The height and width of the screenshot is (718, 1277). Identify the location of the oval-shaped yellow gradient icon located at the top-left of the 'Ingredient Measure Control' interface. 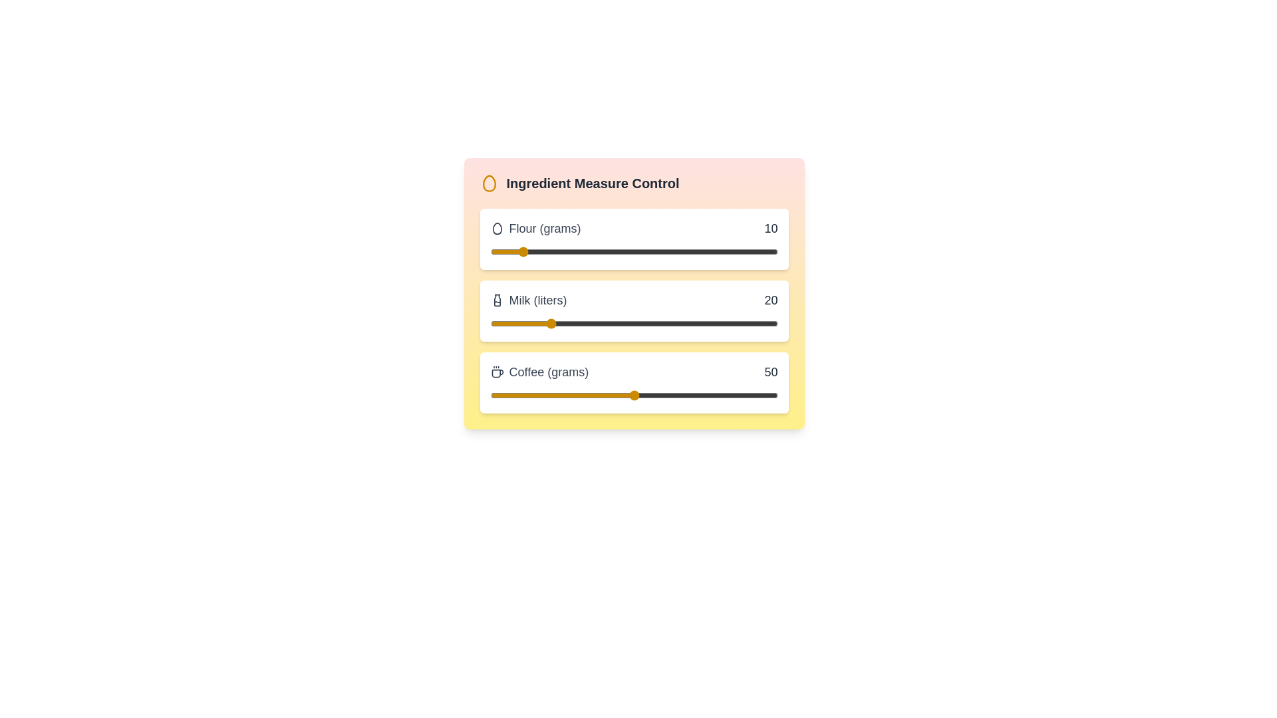
(488, 183).